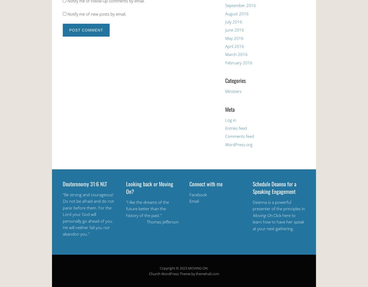 The width and height of the screenshot is (368, 287). What do you see at coordinates (236, 128) in the screenshot?
I see `'Entries feed'` at bounding box center [236, 128].